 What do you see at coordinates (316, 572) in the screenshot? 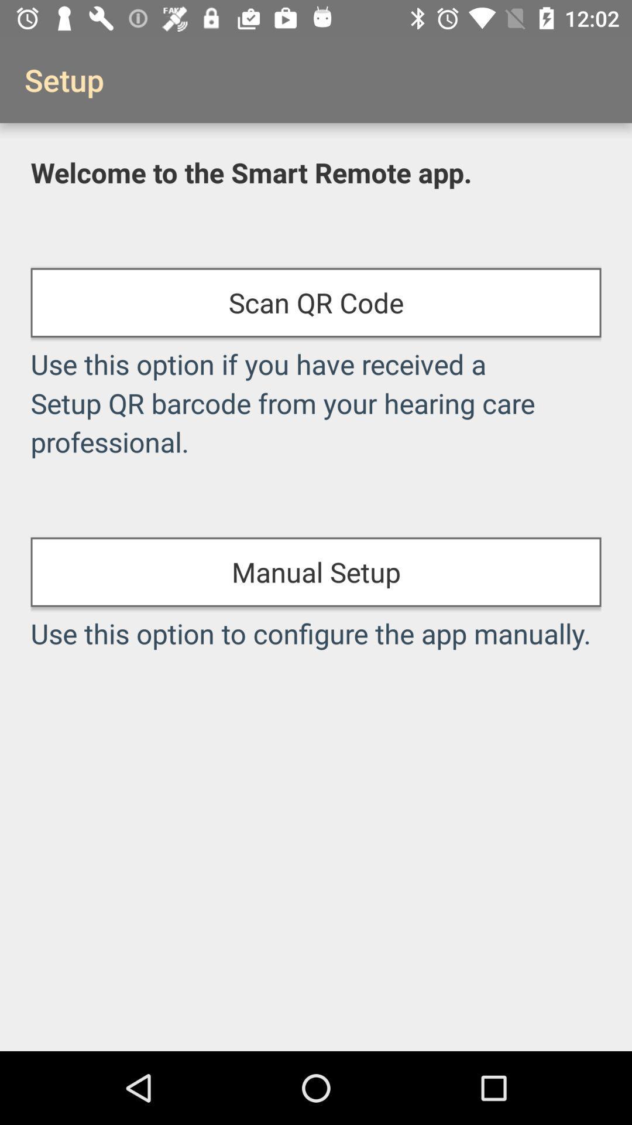
I see `icon below the use this option item` at bounding box center [316, 572].